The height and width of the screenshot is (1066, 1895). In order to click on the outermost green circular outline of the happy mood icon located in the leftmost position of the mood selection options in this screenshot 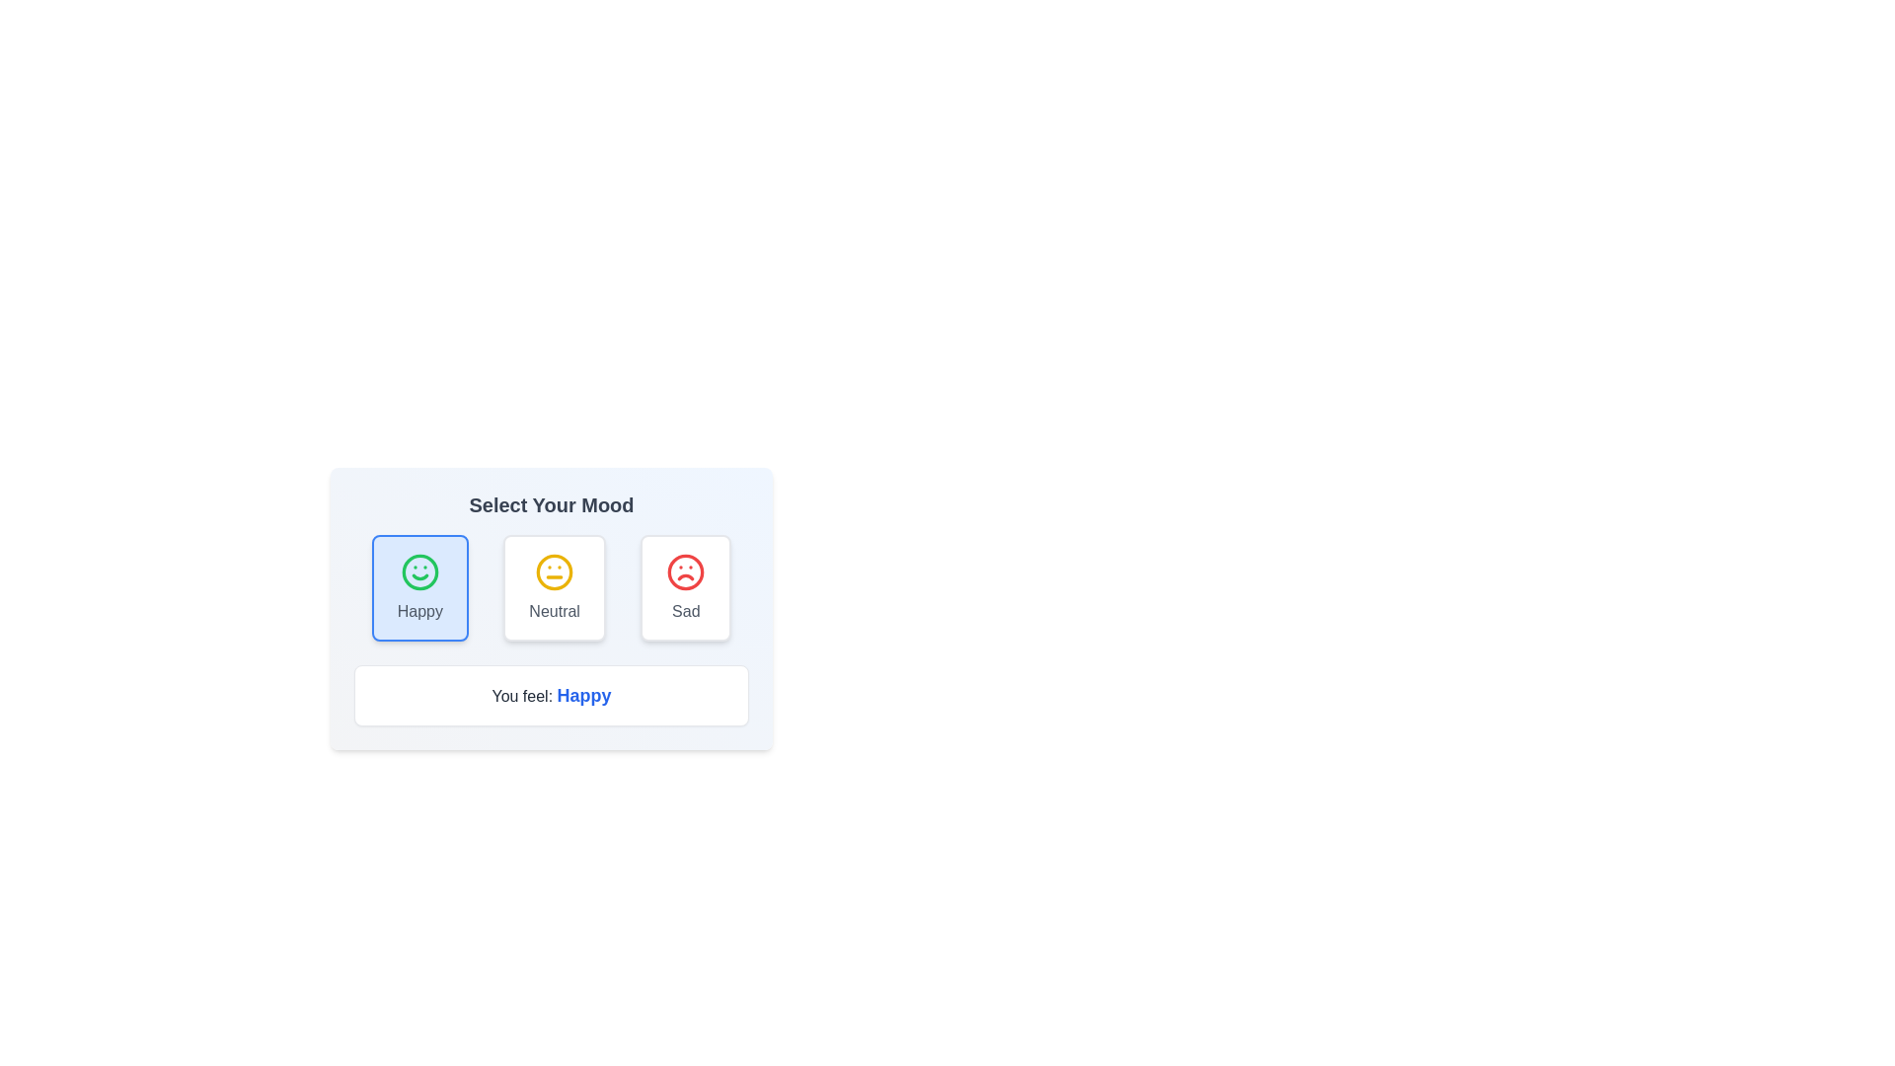, I will do `click(418, 571)`.